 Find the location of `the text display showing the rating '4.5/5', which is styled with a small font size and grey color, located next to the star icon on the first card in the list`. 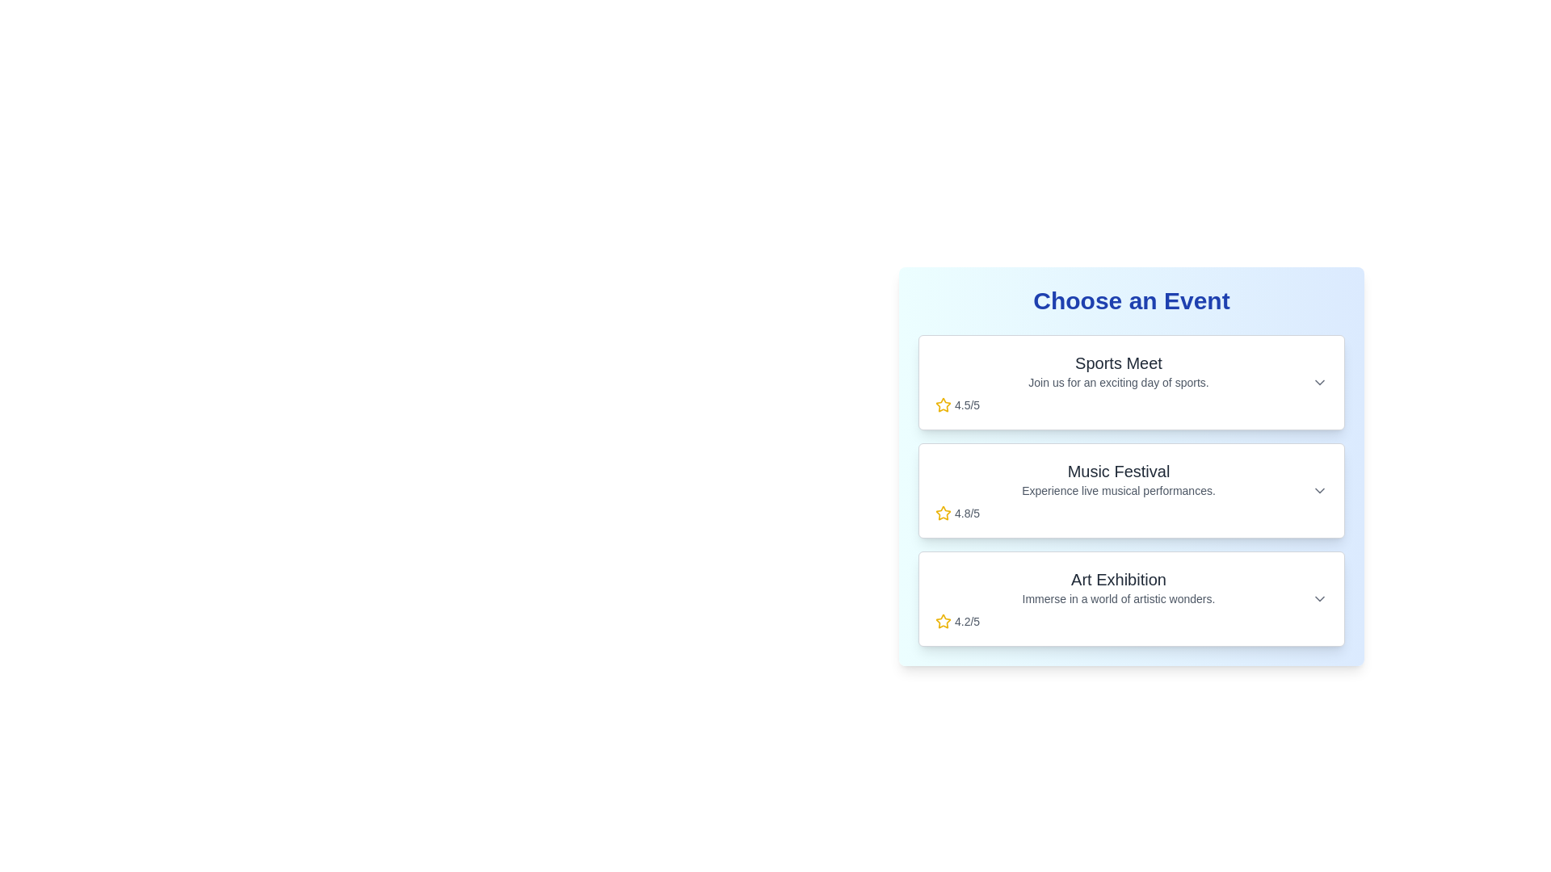

the text display showing the rating '4.5/5', which is styled with a small font size and grey color, located next to the star icon on the first card in the list is located at coordinates (967, 404).